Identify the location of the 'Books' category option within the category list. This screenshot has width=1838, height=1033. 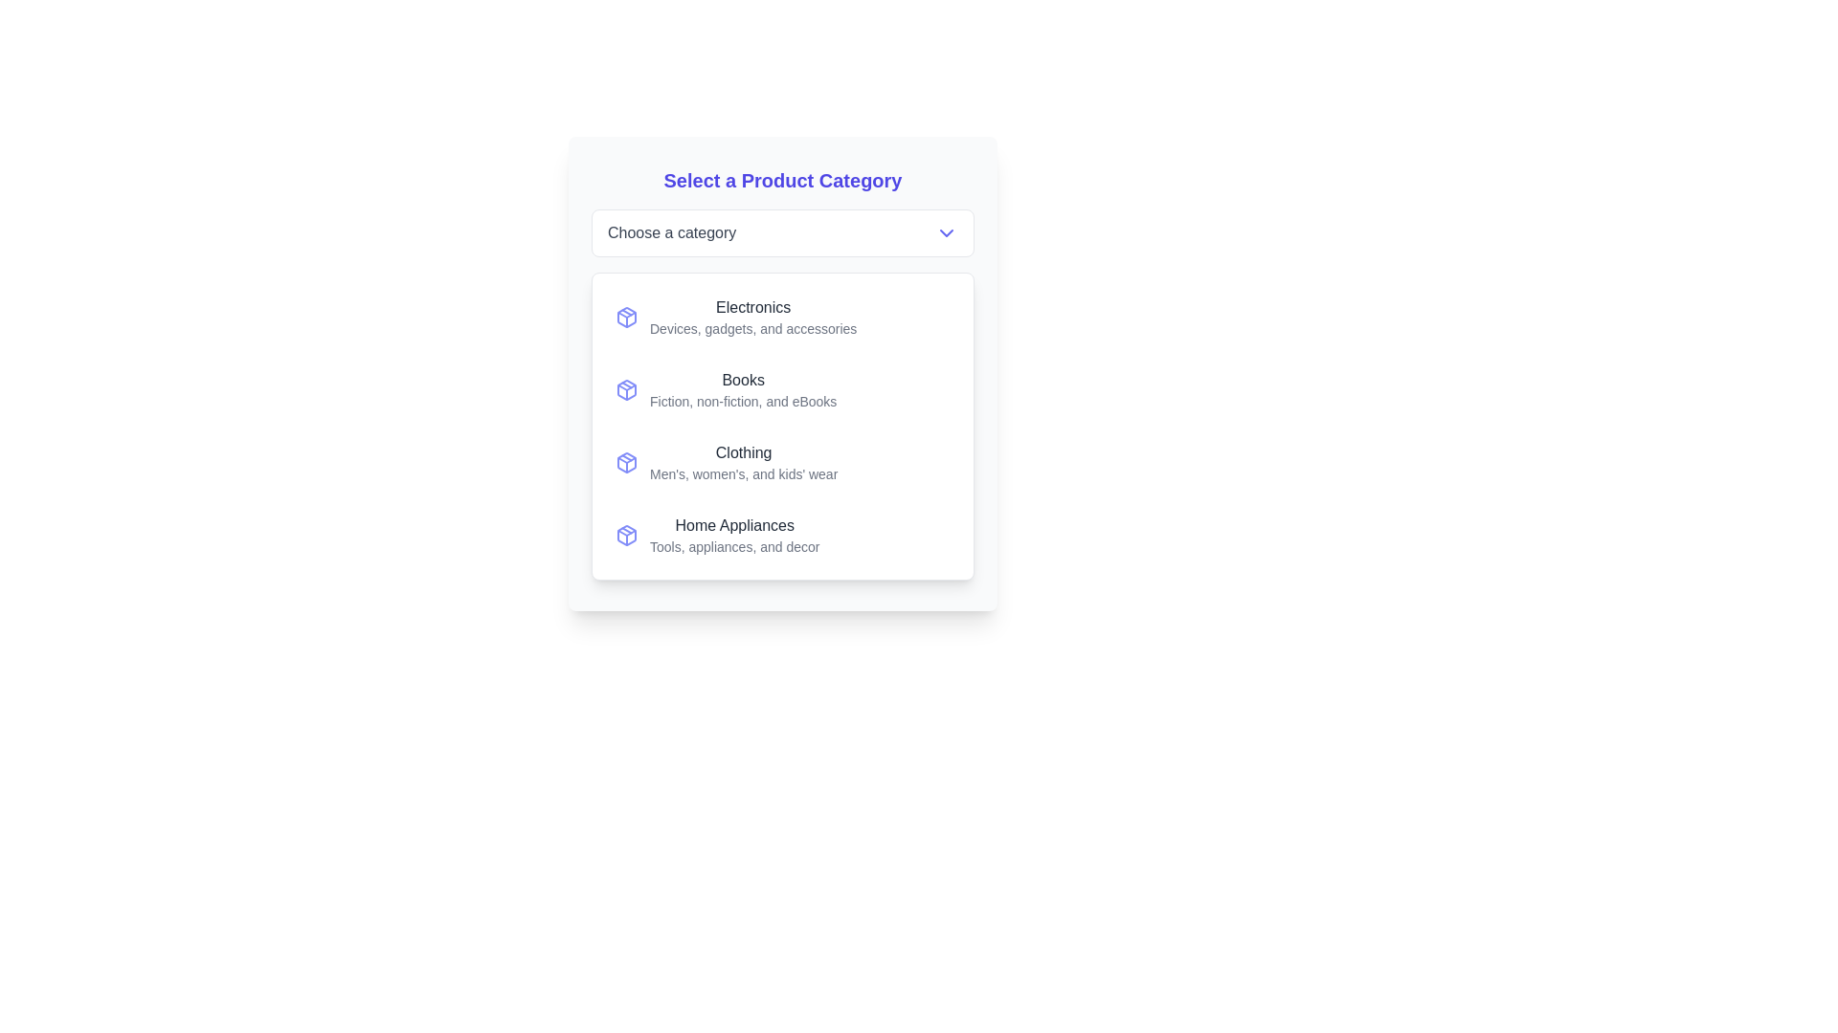
(782, 389).